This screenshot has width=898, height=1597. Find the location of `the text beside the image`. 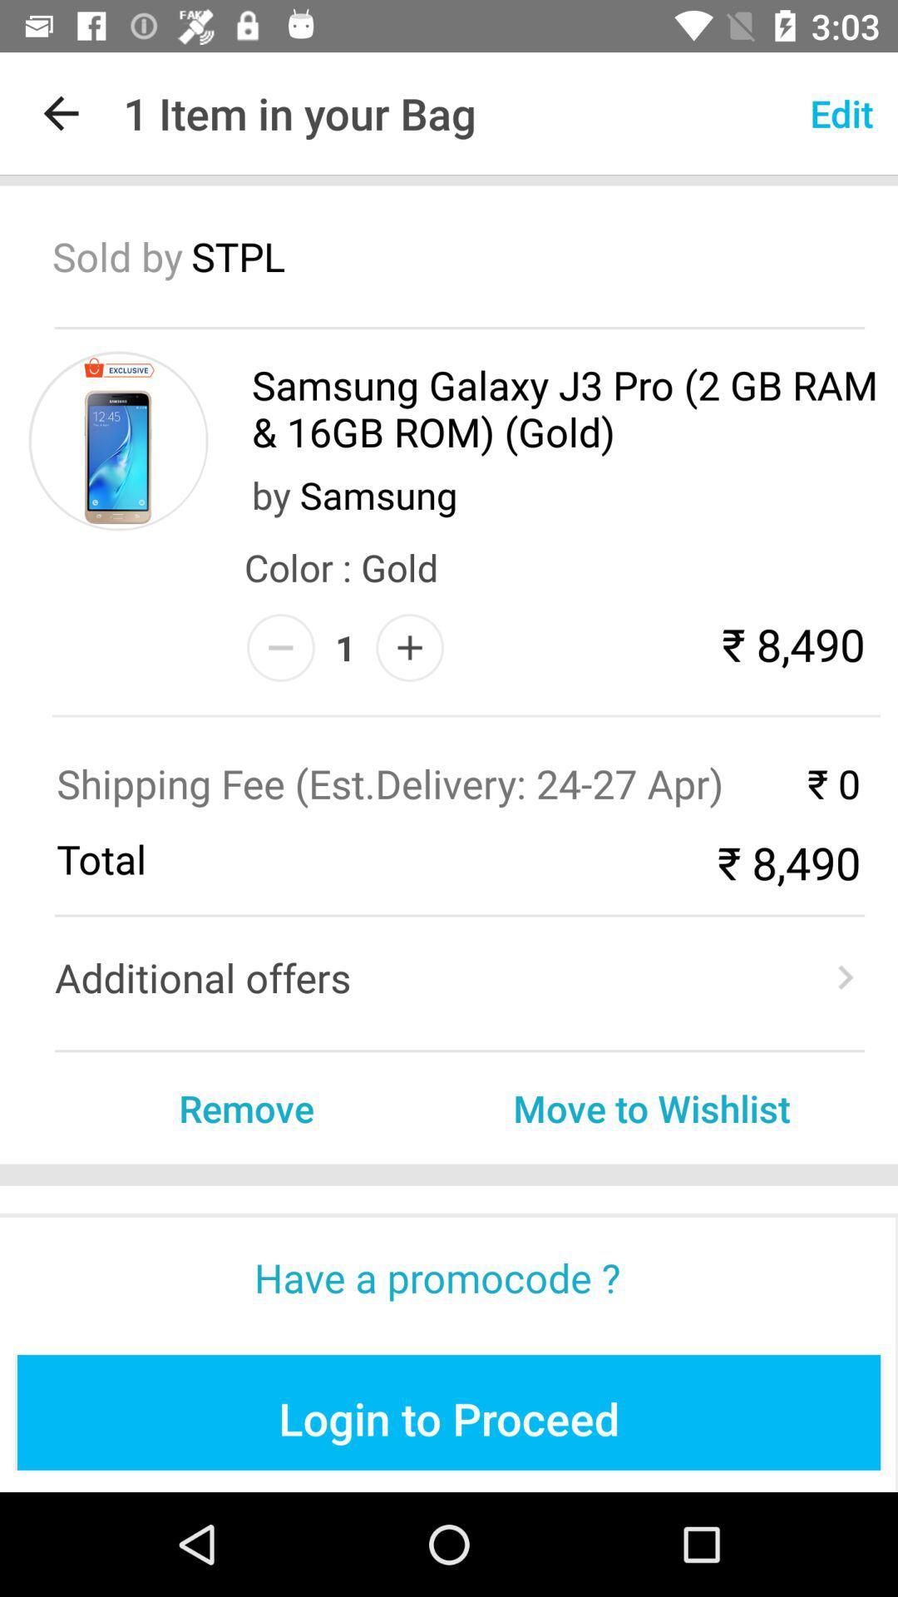

the text beside the image is located at coordinates (565, 408).